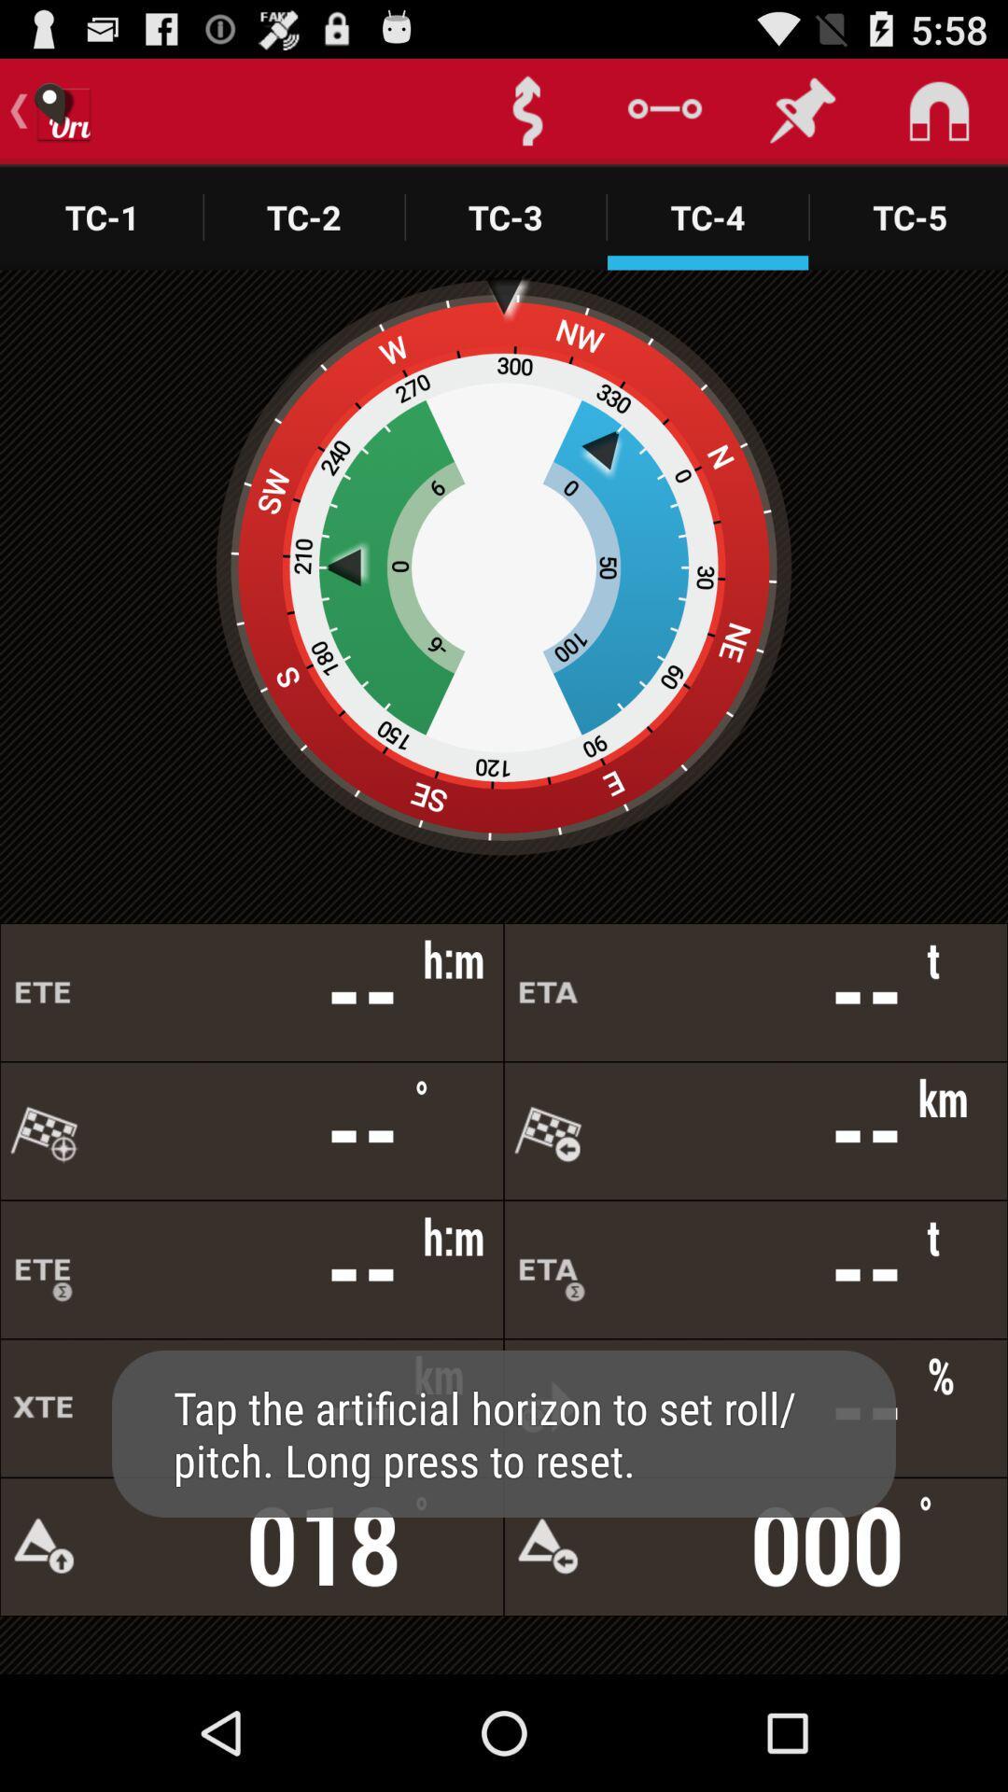  Describe the element at coordinates (801, 110) in the screenshot. I see `the second pin icon from top right side` at that location.